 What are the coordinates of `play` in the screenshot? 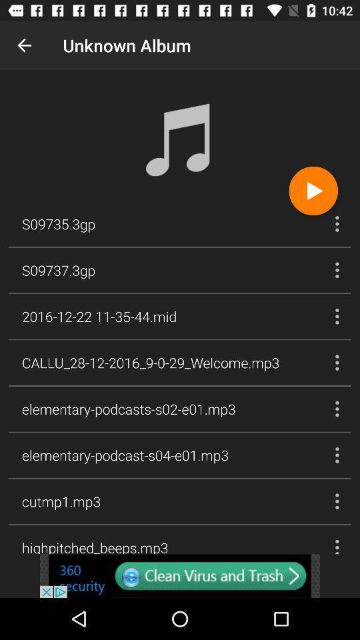 It's located at (313, 190).